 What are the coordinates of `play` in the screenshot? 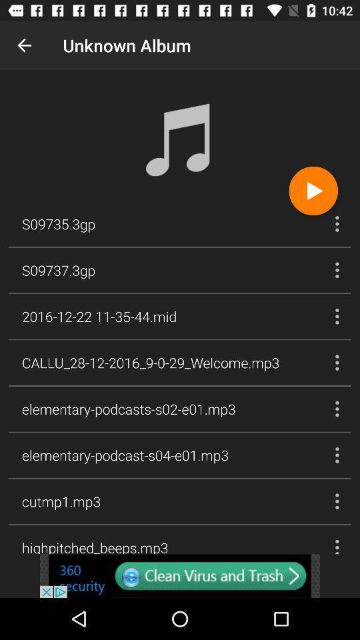 It's located at (313, 190).